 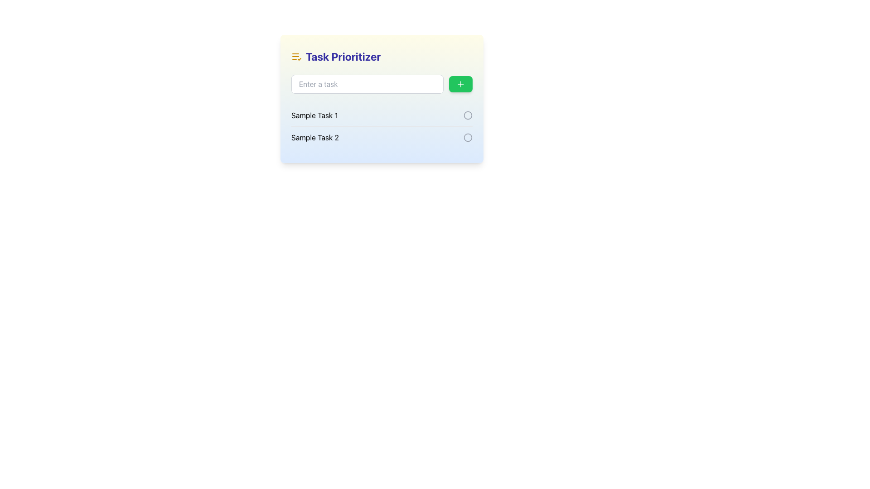 I want to click on the yellow checkmark icon that indicates organization or completion, located to the left of the 'Task Prioritizer' text in the header section, so click(x=296, y=56).